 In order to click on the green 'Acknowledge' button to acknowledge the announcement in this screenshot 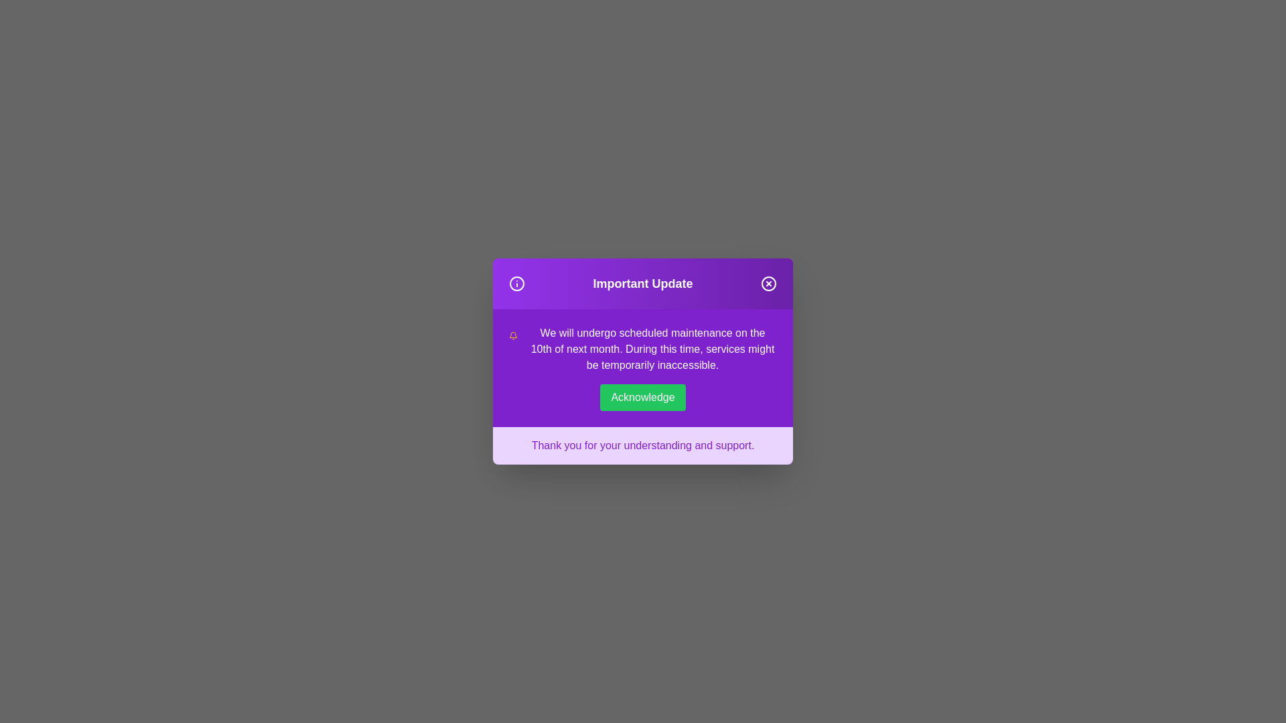, I will do `click(643, 397)`.